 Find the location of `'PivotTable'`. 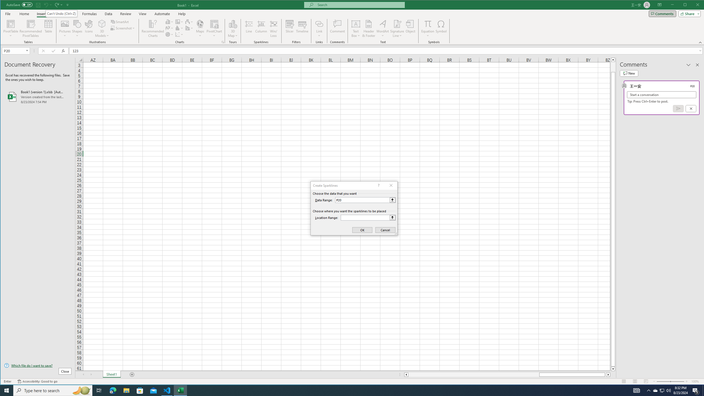

'PivotTable' is located at coordinates (10, 28).